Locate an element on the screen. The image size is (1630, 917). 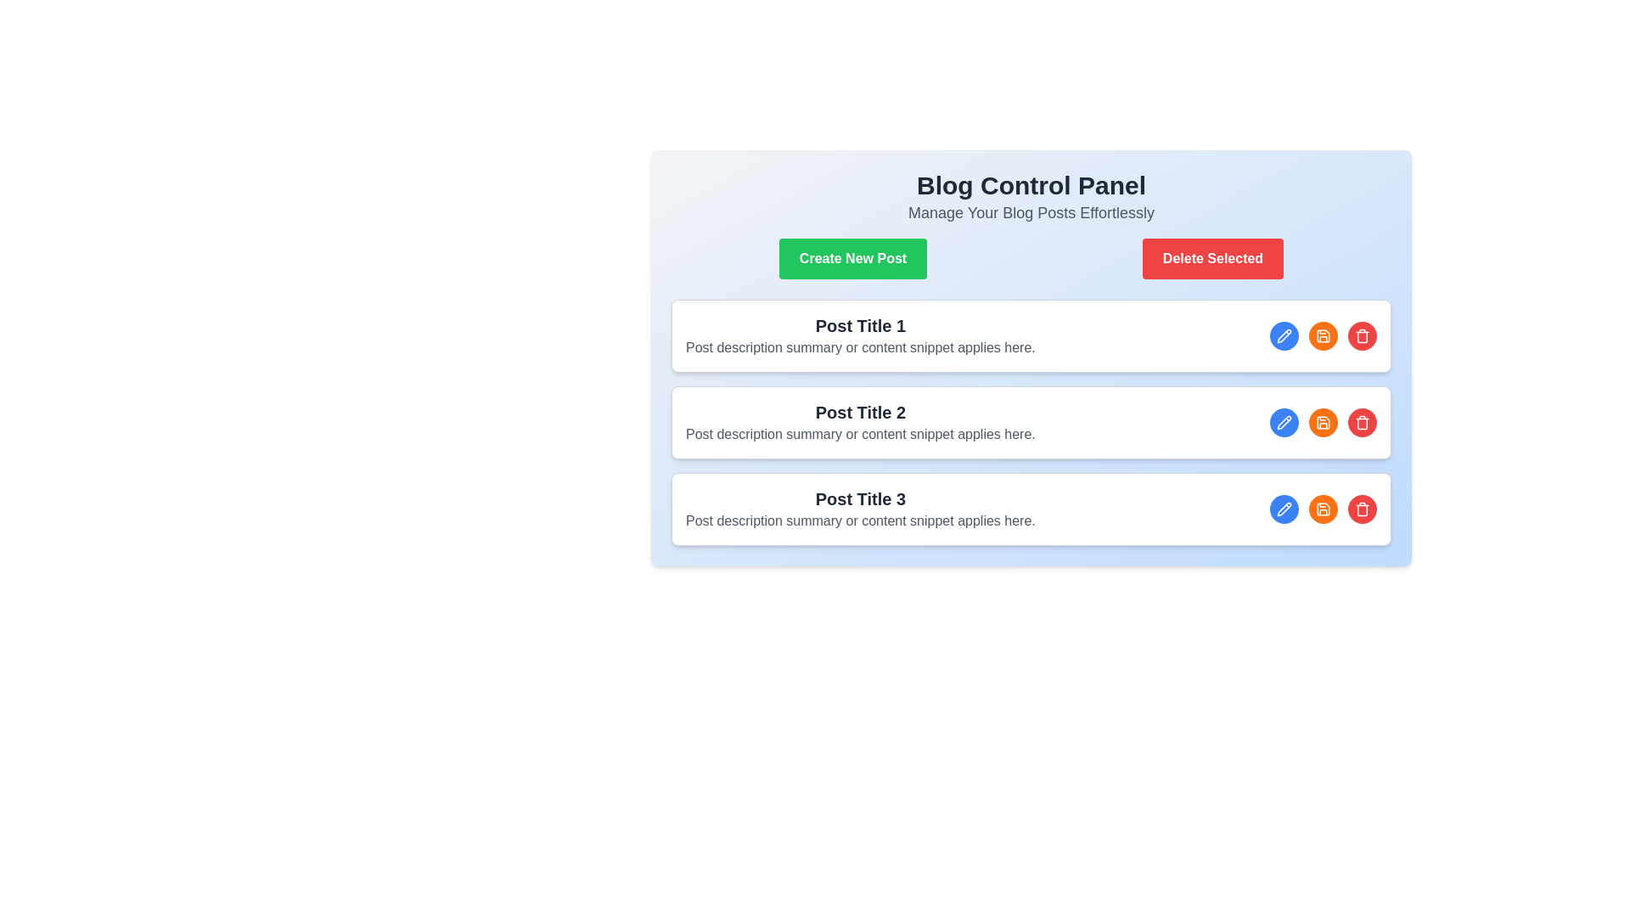
the save action icon button, which is the middle button in a row of three action buttons (Edit, Save, and Delete) located at the right end of each blog post item is located at coordinates (1323, 336).